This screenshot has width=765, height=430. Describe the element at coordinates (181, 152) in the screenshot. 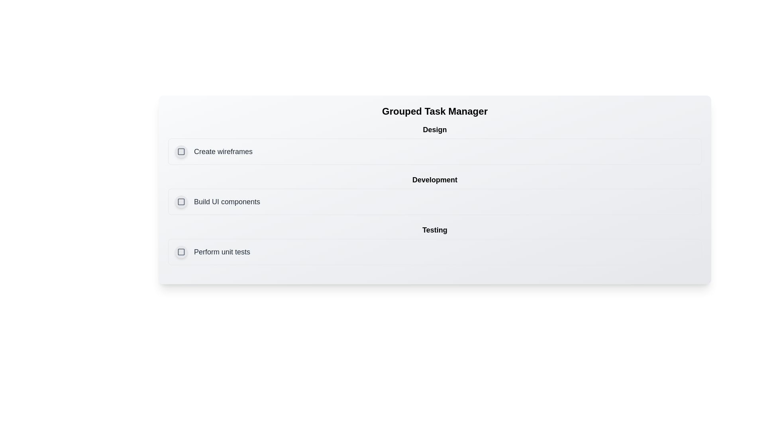

I see `the square outline icon styled as a selection indicator` at that location.